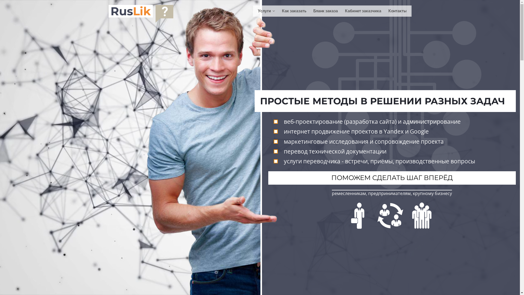  Describe the element at coordinates (164, 13) in the screenshot. I see `'0'` at that location.